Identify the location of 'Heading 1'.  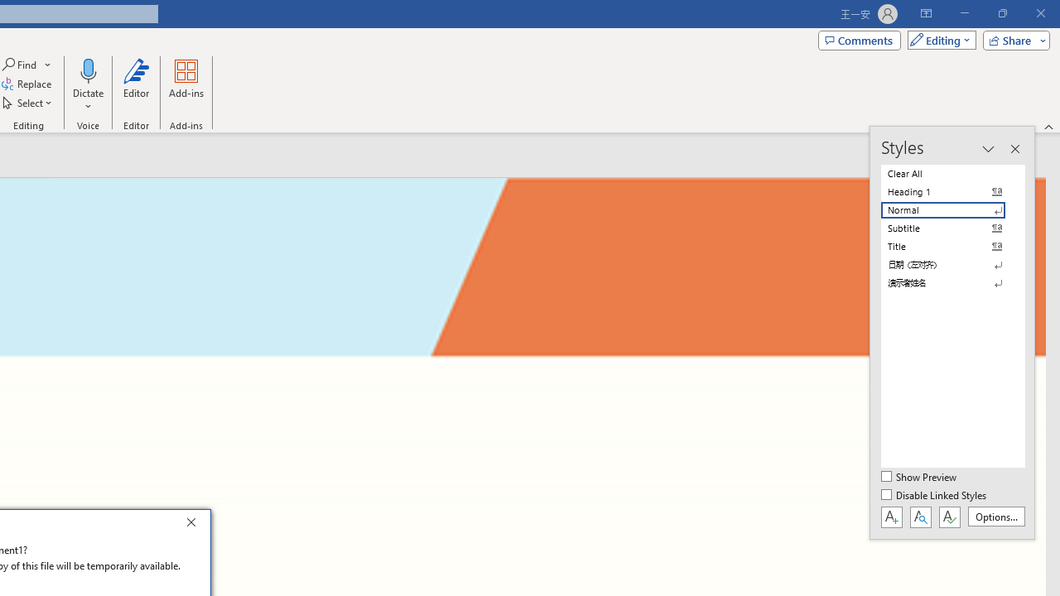
(952, 191).